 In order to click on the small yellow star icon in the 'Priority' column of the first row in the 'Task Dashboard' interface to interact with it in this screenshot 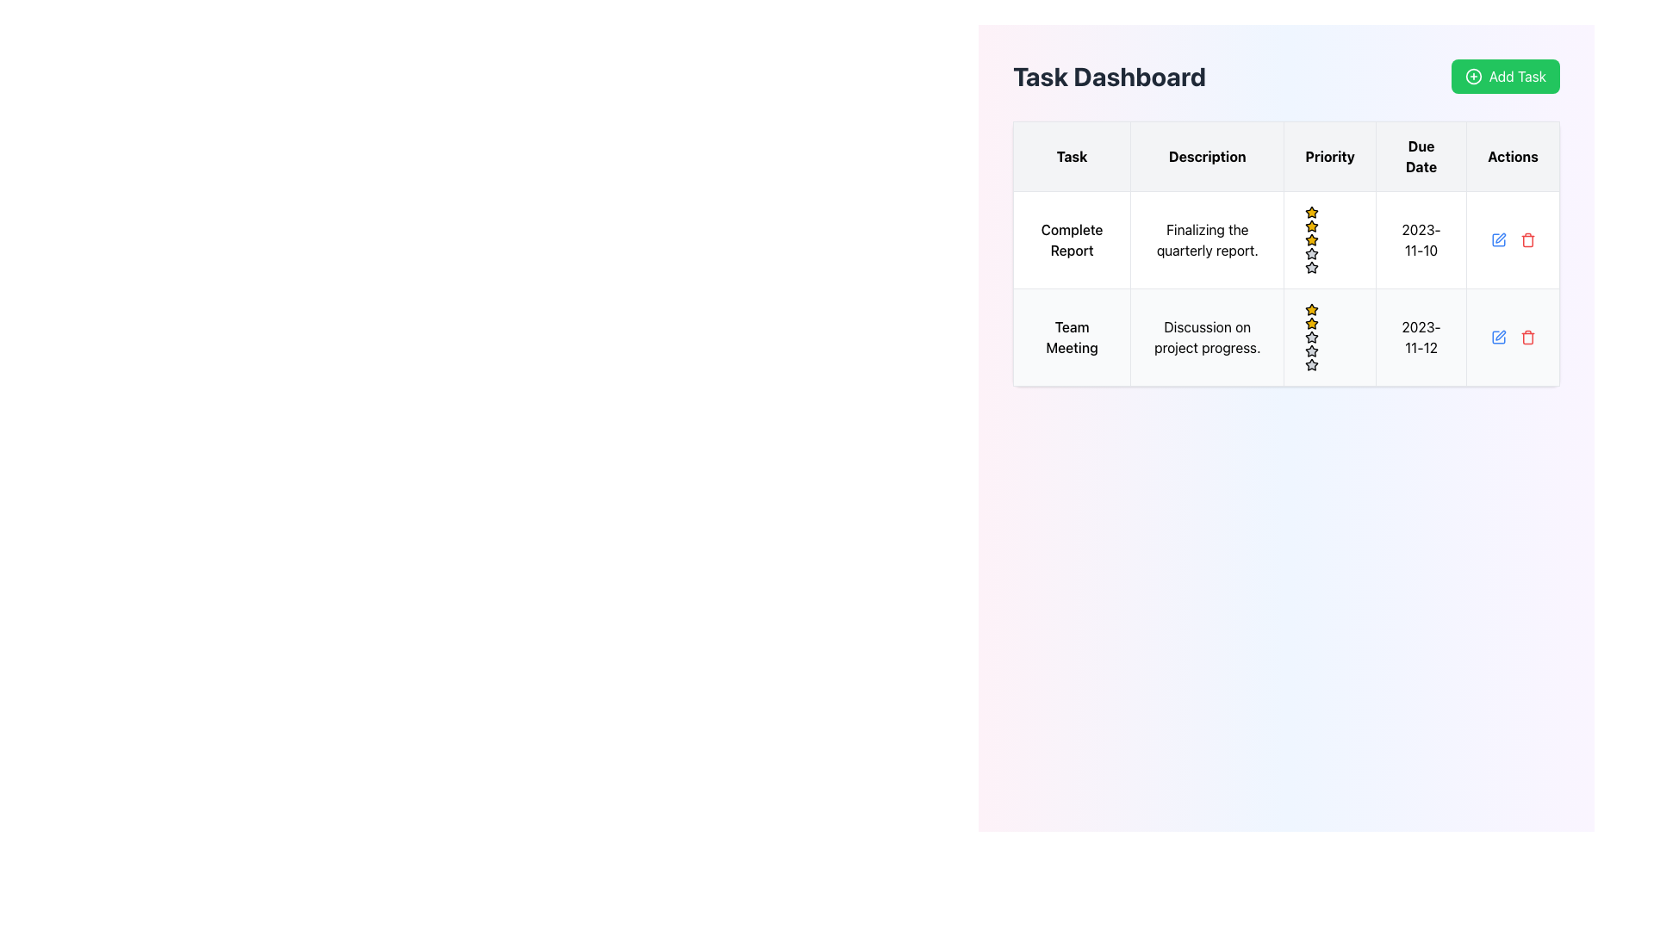, I will do `click(1311, 211)`.